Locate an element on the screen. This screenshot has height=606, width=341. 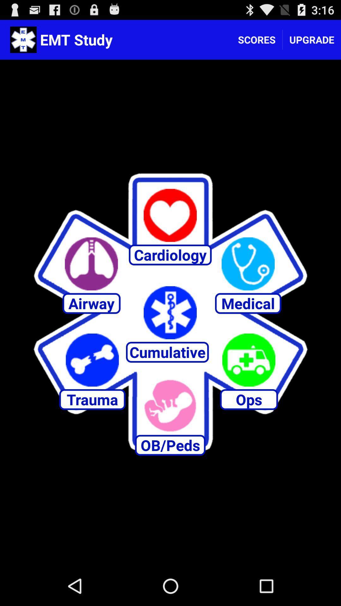
the avatar icon is located at coordinates (91, 282).